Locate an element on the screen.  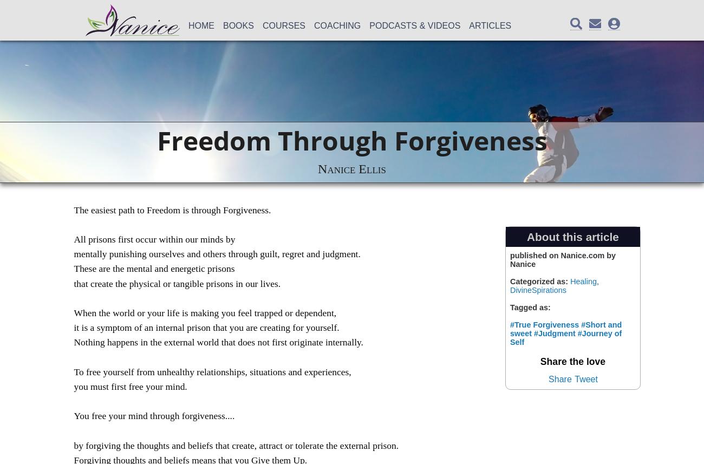
'Coaching' is located at coordinates (337, 25).